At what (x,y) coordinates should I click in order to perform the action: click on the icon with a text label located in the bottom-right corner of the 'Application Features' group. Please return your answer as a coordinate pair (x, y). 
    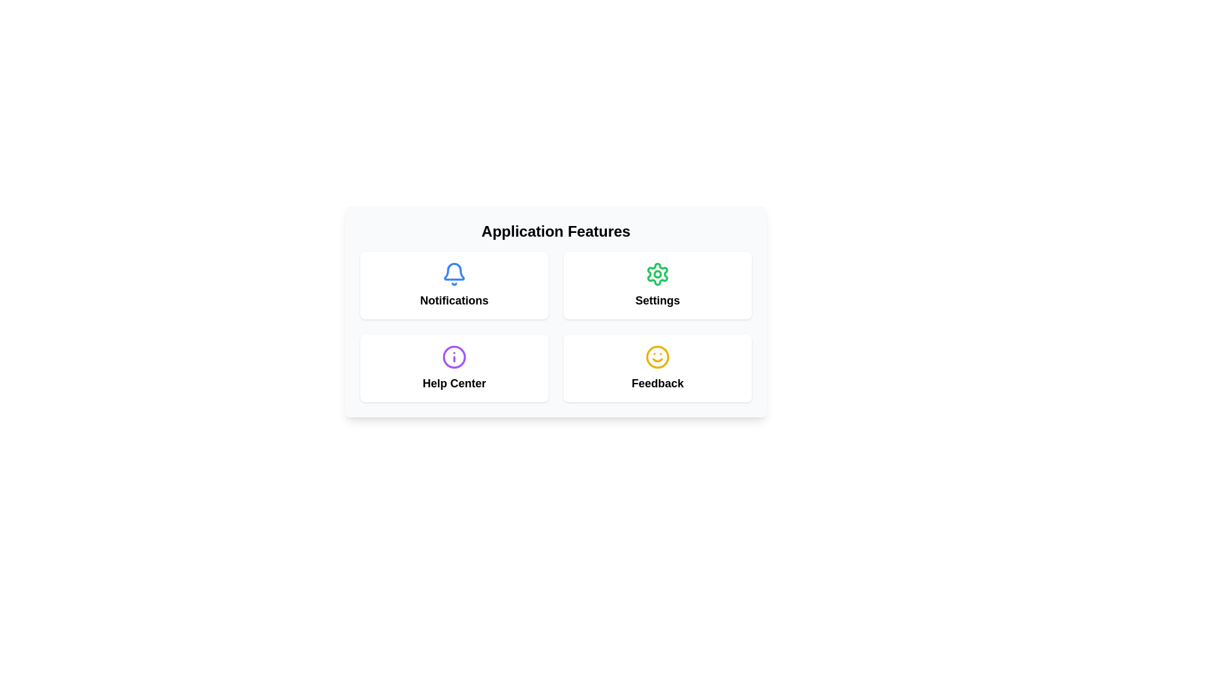
    Looking at the image, I should click on (656, 367).